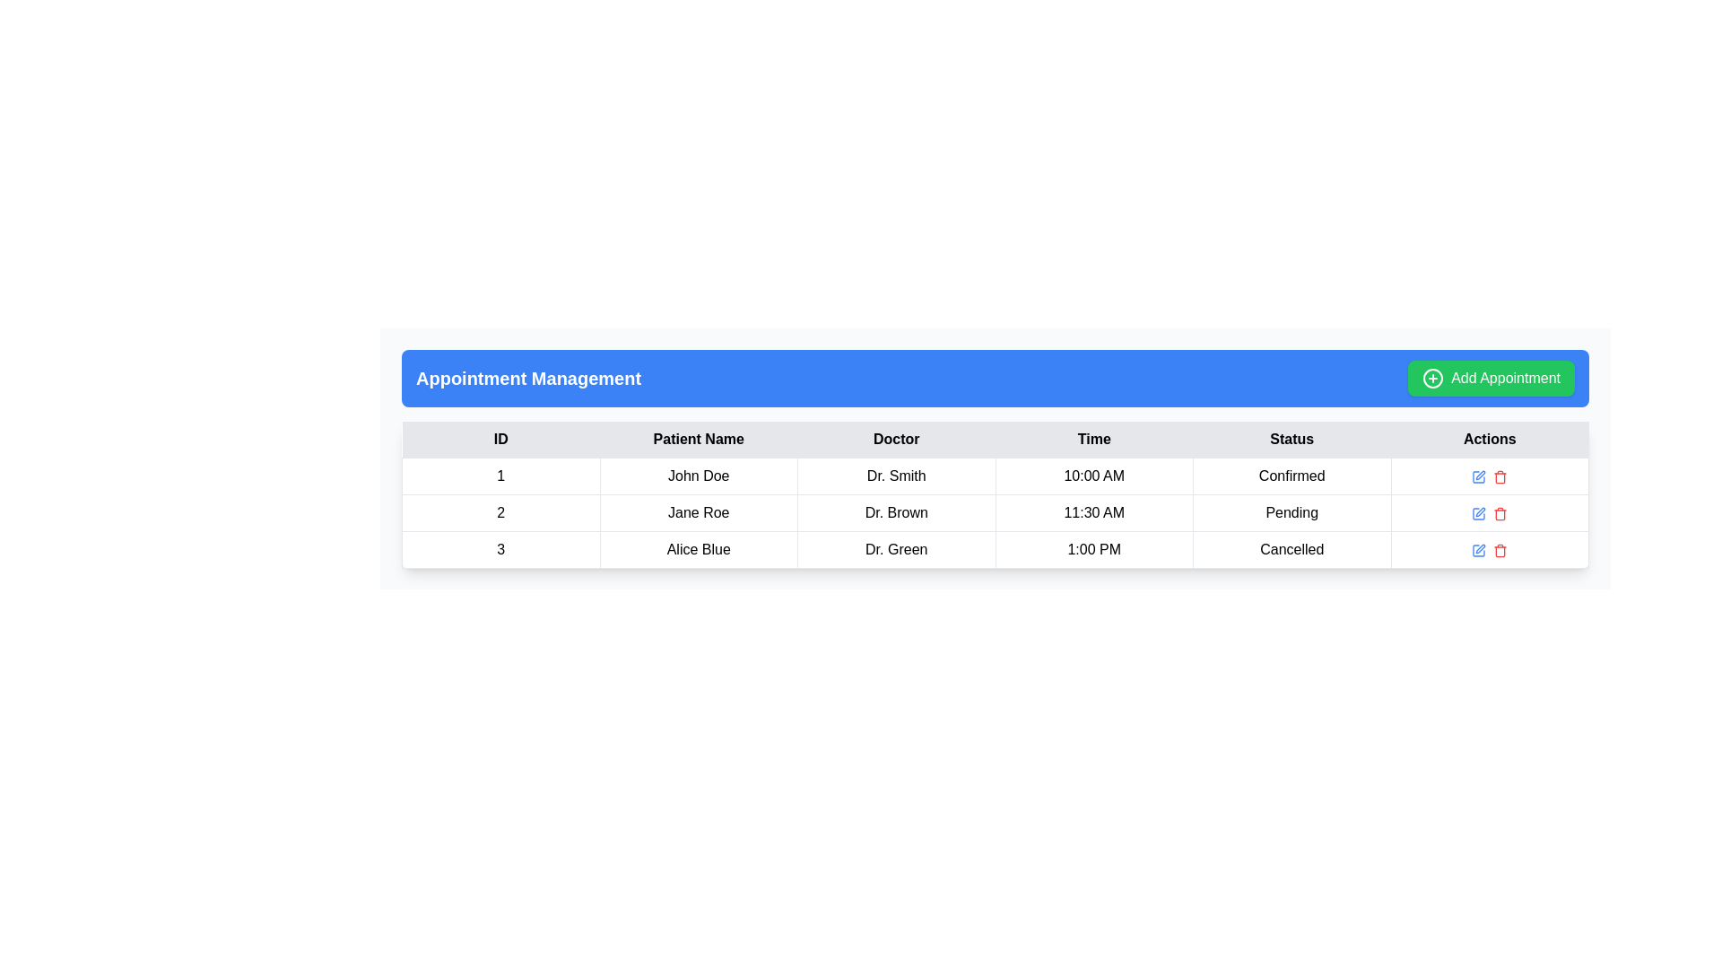 This screenshot has height=969, width=1722. What do you see at coordinates (994, 512) in the screenshot?
I see `the appointment entry row for 'Jane Roe' with 'Dr. Brown' at 11:30 AM, currently marked as 'Pending', located as the second row in the tabular listing` at bounding box center [994, 512].